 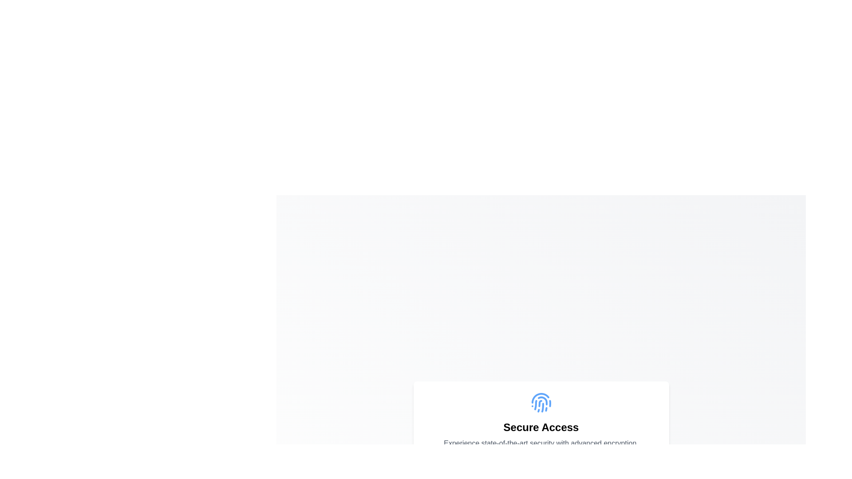 I want to click on the security icon that signifies secure access, located centrally above the 'Secure Access' text, so click(x=540, y=402).